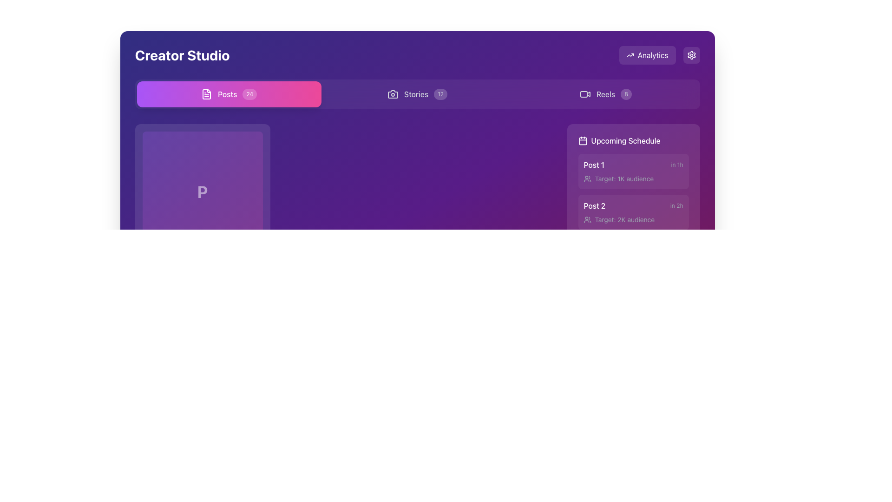  What do you see at coordinates (249, 94) in the screenshot?
I see `the Notification badge located within the 'Posts' button in the navigation bar at the top of the interface` at bounding box center [249, 94].